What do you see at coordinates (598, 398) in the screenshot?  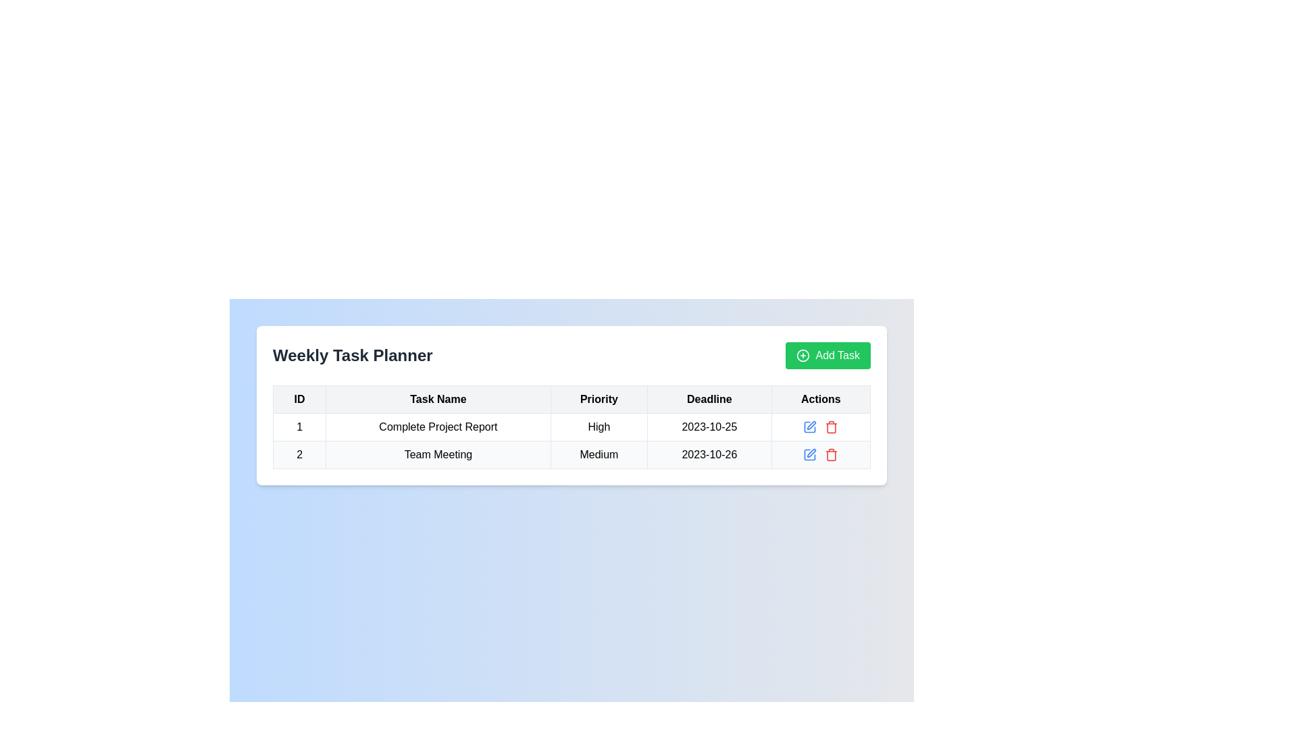 I see `the Text label indicating task priorities in the third column header of the Weekly Task Planner table` at bounding box center [598, 398].